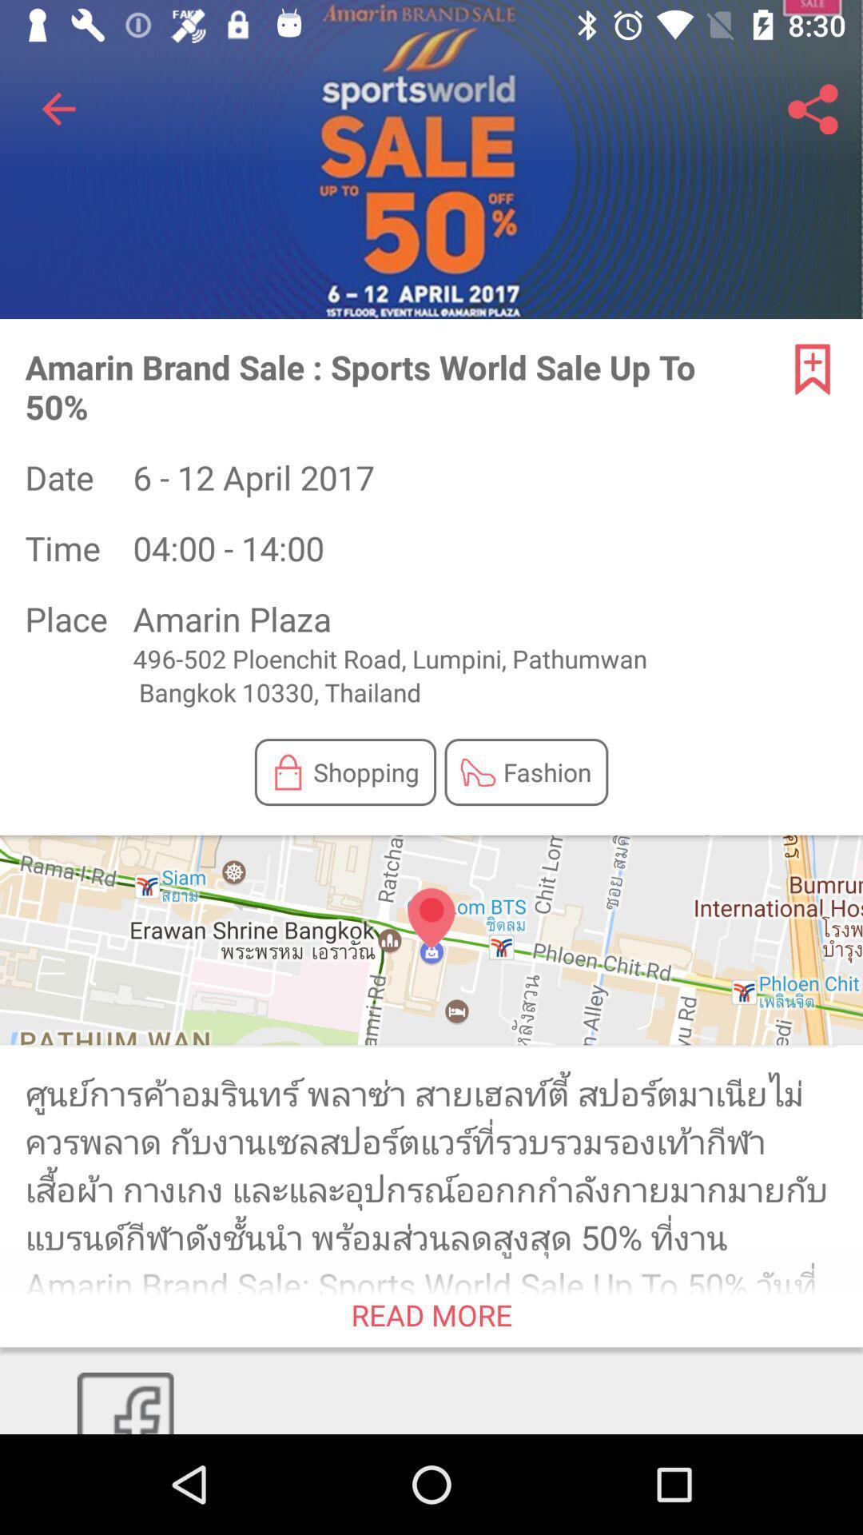 Image resolution: width=863 pixels, height=1535 pixels. I want to click on the bookmark icon, so click(813, 368).